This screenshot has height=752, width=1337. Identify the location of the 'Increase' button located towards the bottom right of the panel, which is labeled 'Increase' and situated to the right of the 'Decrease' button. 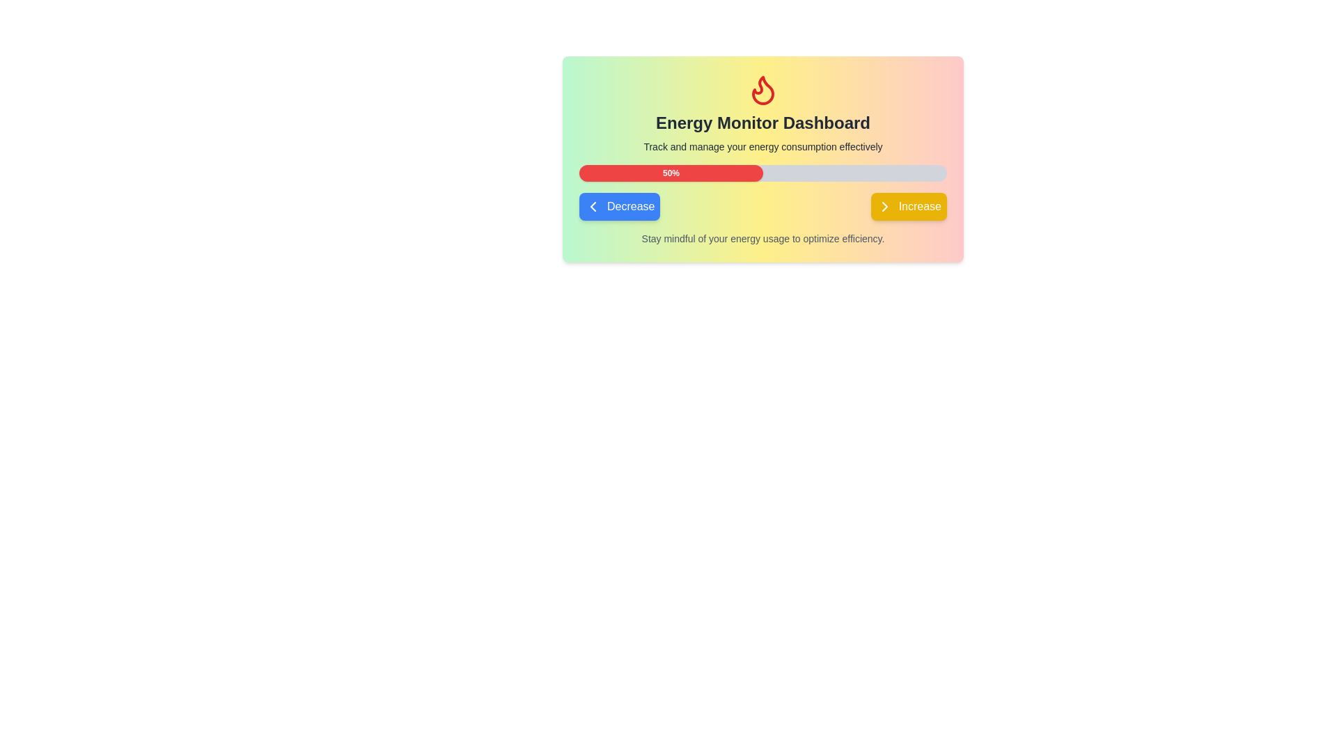
(920, 207).